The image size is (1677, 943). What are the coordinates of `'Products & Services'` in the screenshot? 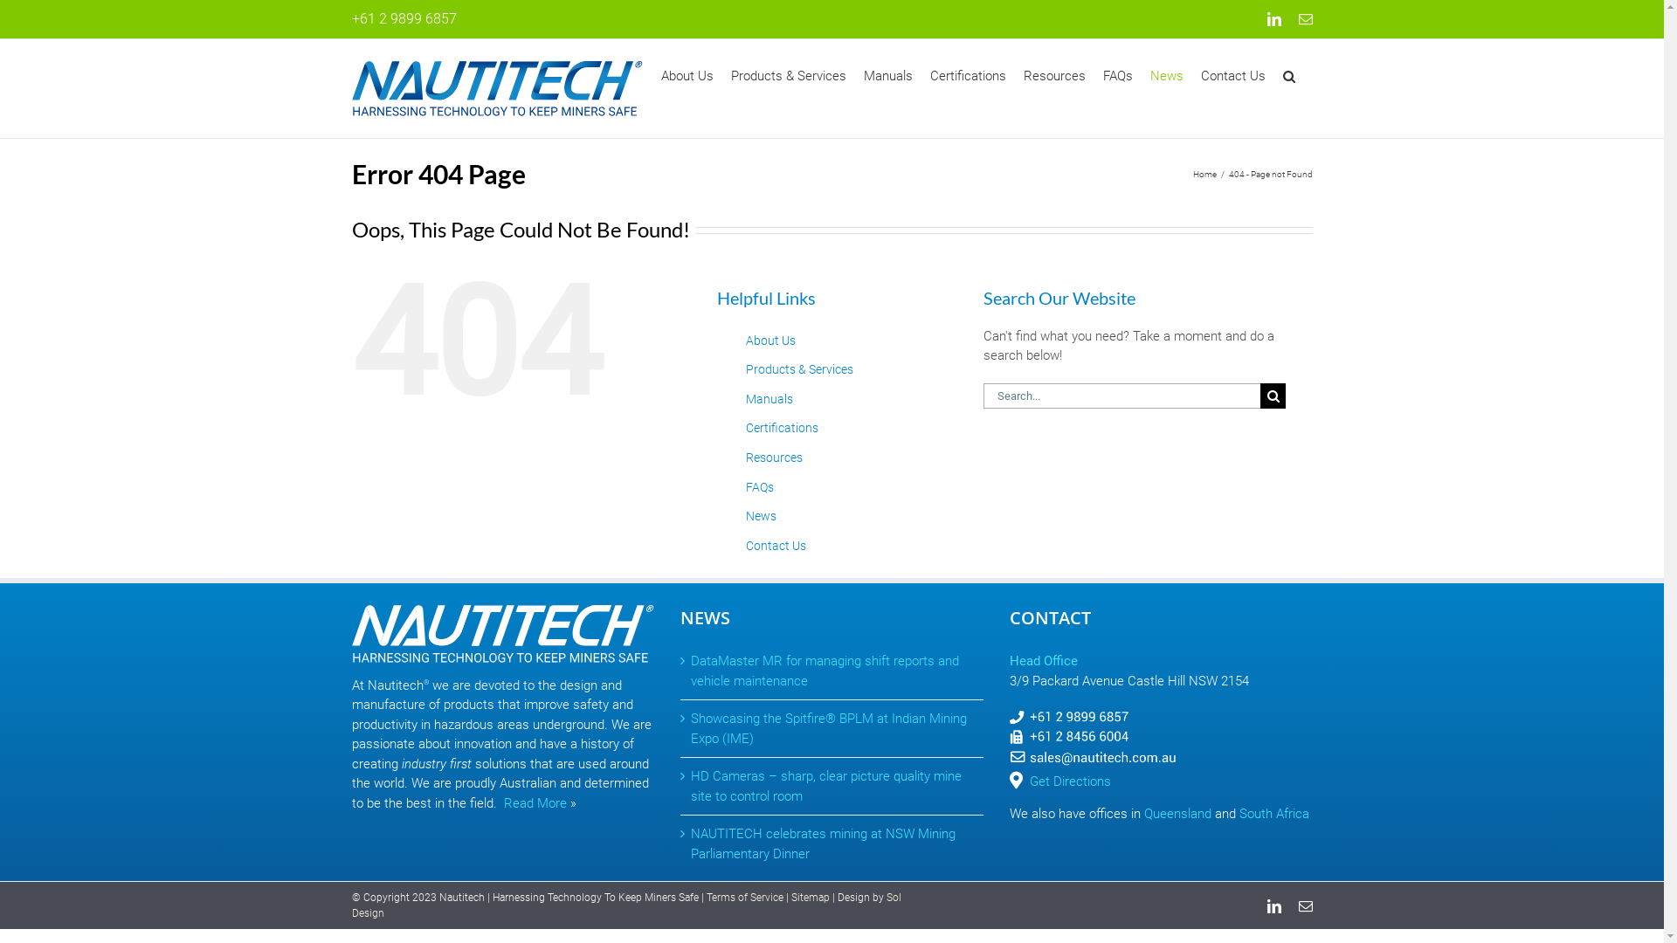 It's located at (798, 368).